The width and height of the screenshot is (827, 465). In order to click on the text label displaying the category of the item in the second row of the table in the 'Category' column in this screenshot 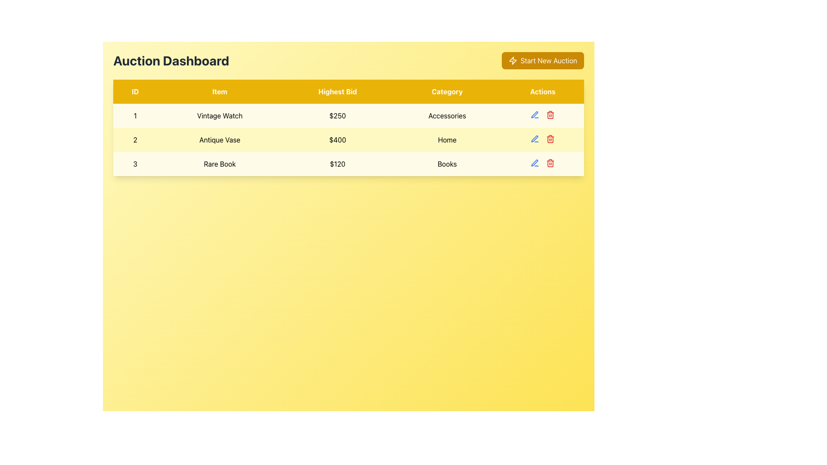, I will do `click(447, 139)`.